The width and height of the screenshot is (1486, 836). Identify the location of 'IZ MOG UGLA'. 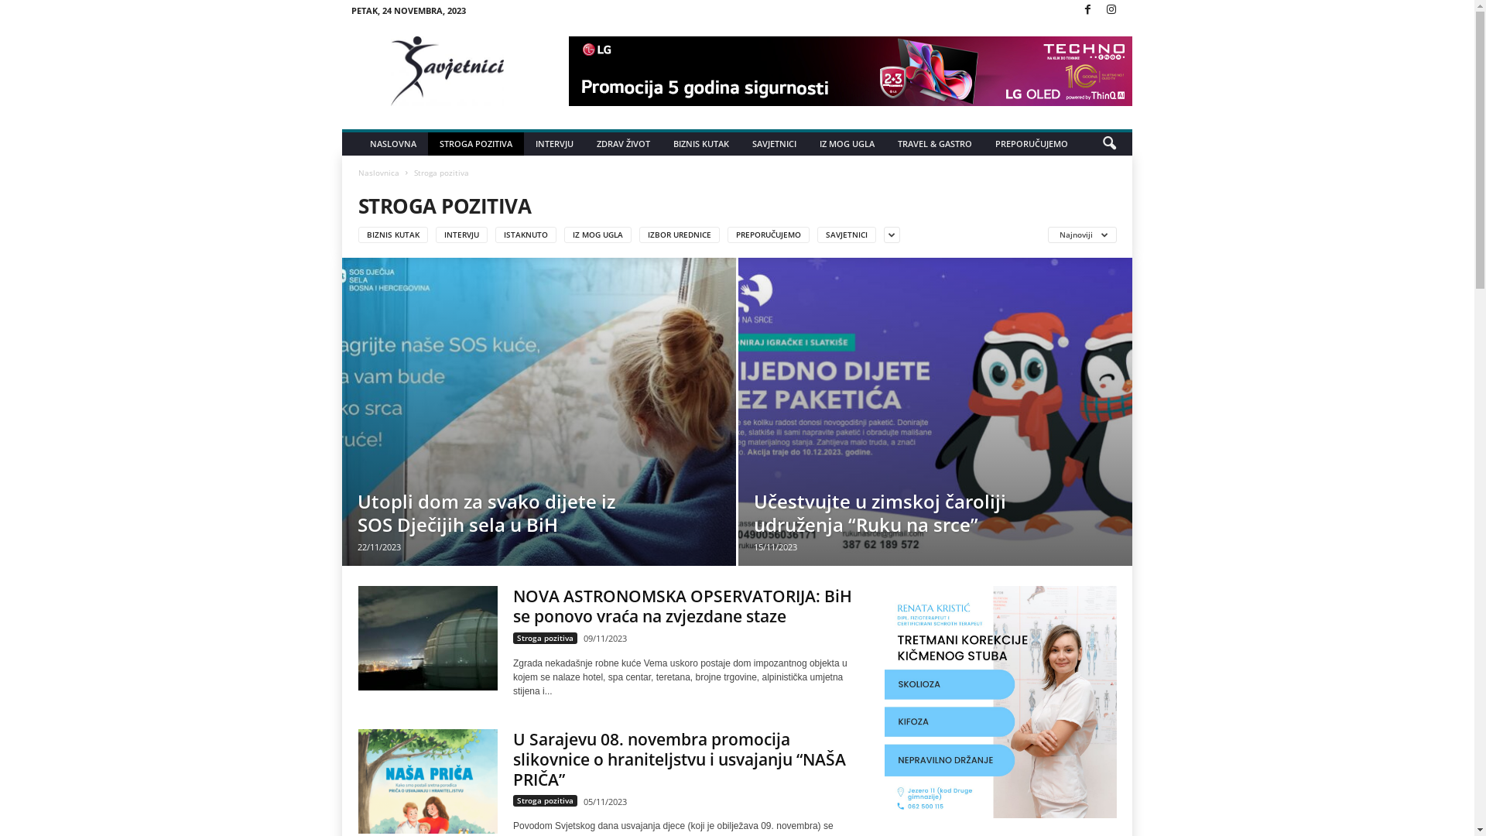
(846, 143).